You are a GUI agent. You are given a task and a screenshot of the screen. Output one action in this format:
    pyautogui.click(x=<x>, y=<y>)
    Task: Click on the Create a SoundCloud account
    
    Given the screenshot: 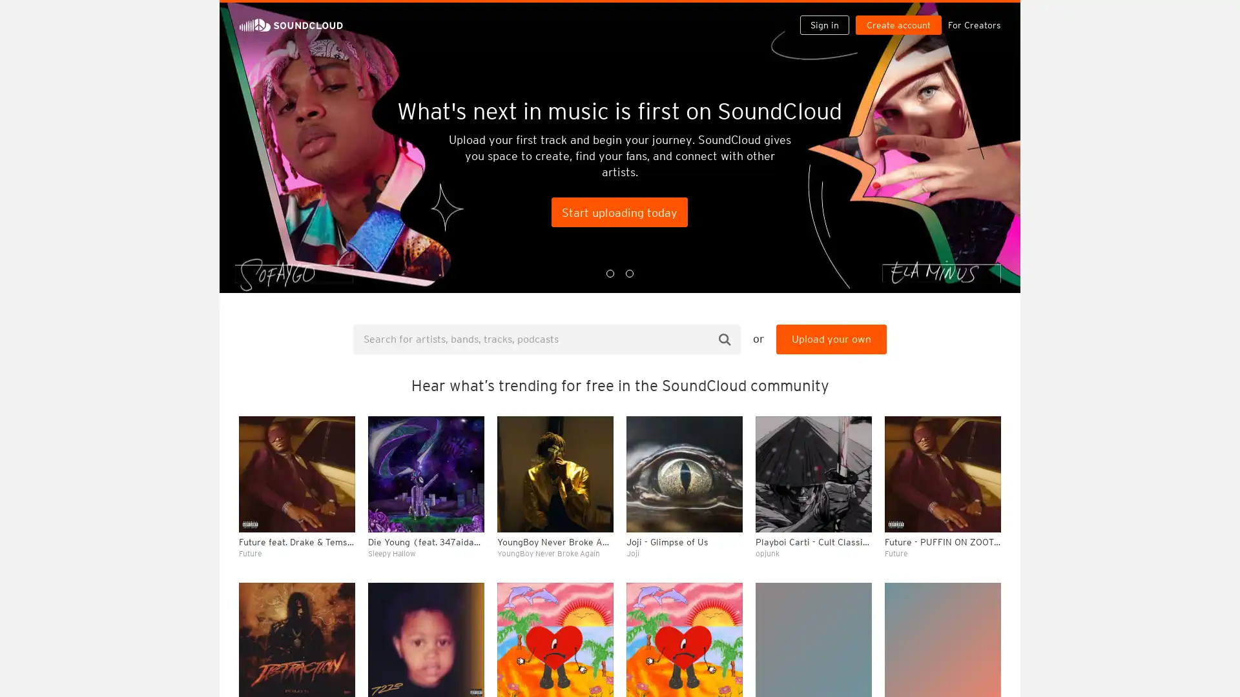 What is the action you would take?
    pyautogui.click(x=898, y=25)
    